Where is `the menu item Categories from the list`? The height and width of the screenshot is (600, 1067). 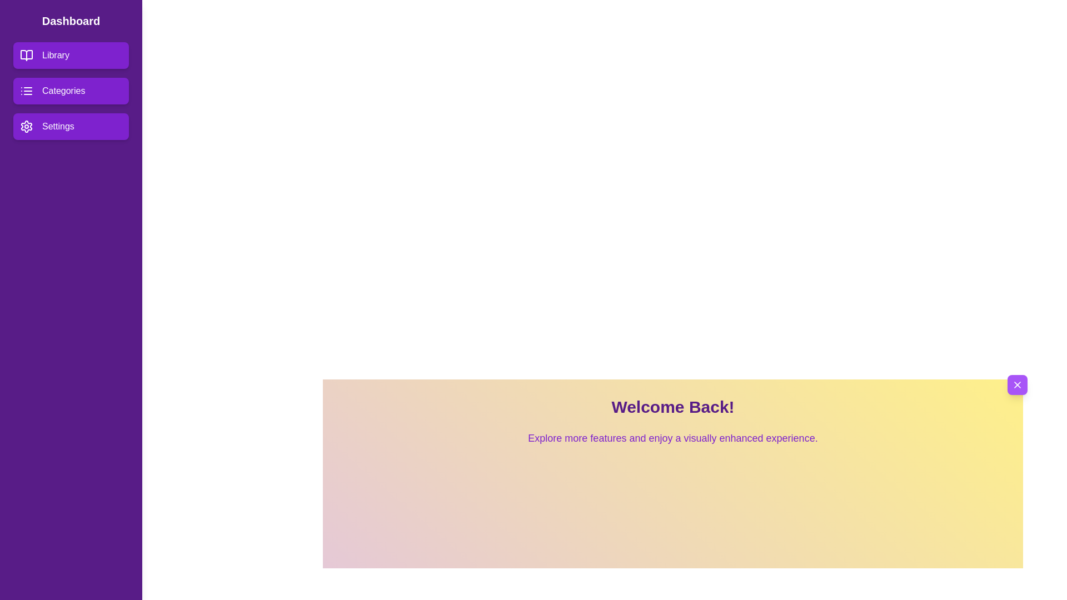 the menu item Categories from the list is located at coordinates (71, 91).